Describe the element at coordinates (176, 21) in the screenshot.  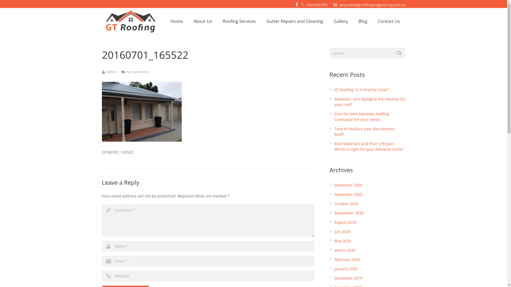
I see `'Home'` at that location.